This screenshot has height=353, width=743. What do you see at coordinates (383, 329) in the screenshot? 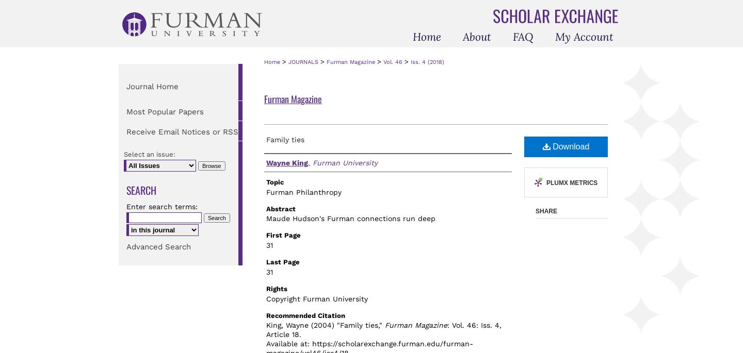
I see `': Vol. 46:
Iss.
4, Article 18.'` at bounding box center [383, 329].